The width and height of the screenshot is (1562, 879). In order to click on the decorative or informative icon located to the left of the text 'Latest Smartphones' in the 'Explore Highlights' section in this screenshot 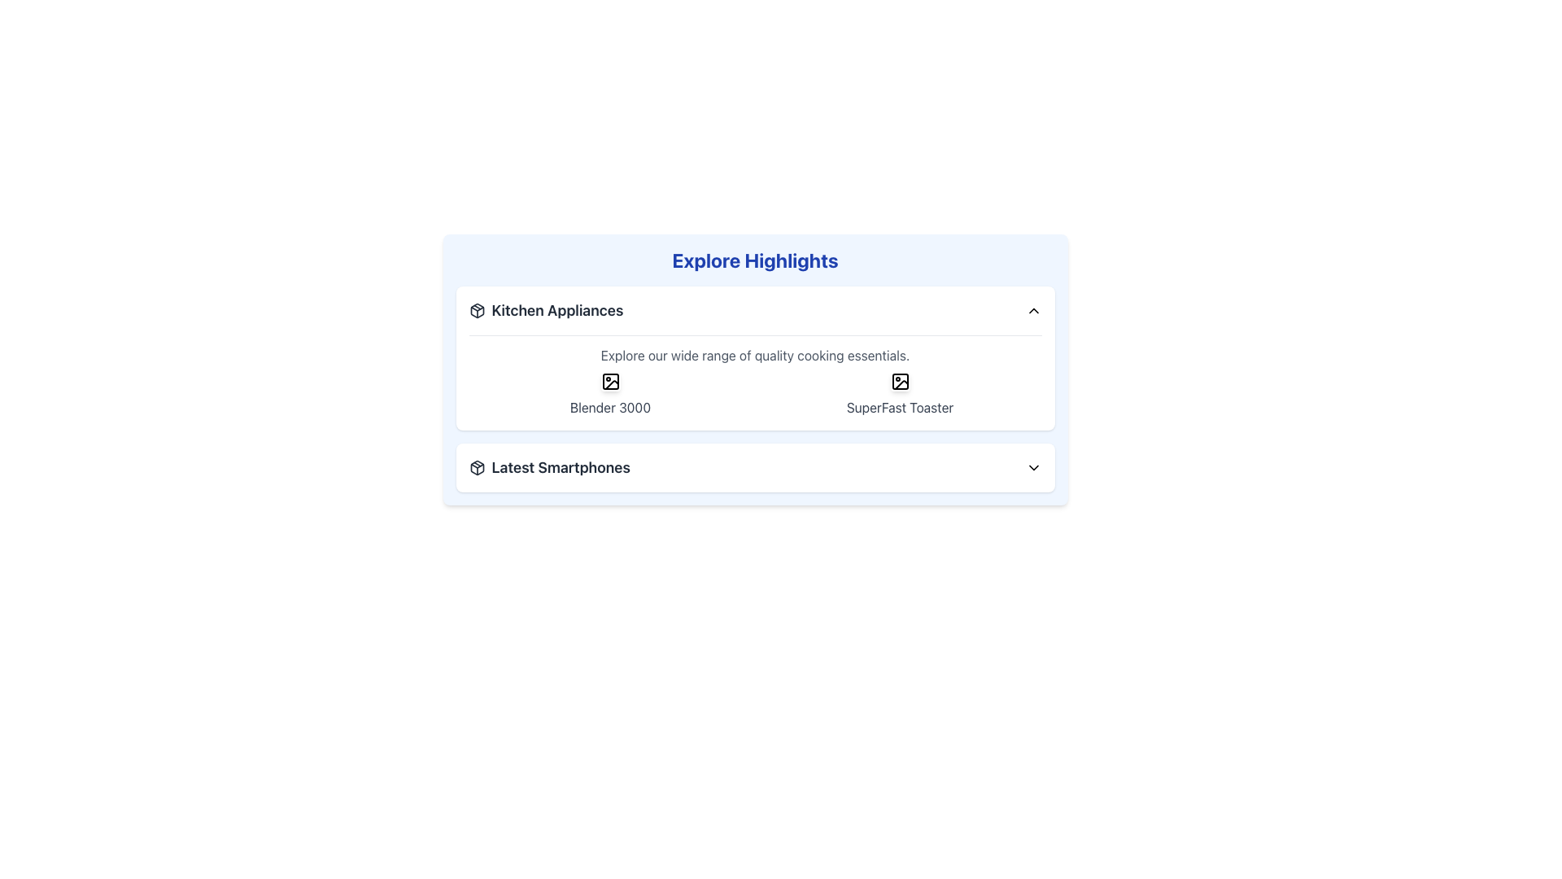, I will do `click(476, 467)`.